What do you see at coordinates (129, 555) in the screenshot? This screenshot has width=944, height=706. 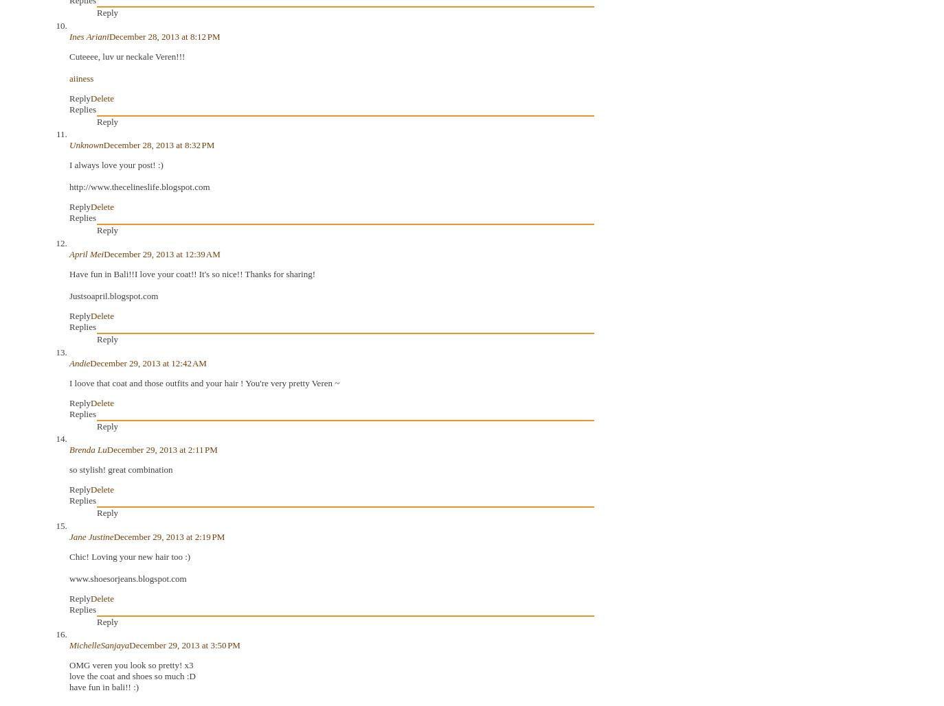 I see `'Chic! Loving your new hair too :)'` at bounding box center [129, 555].